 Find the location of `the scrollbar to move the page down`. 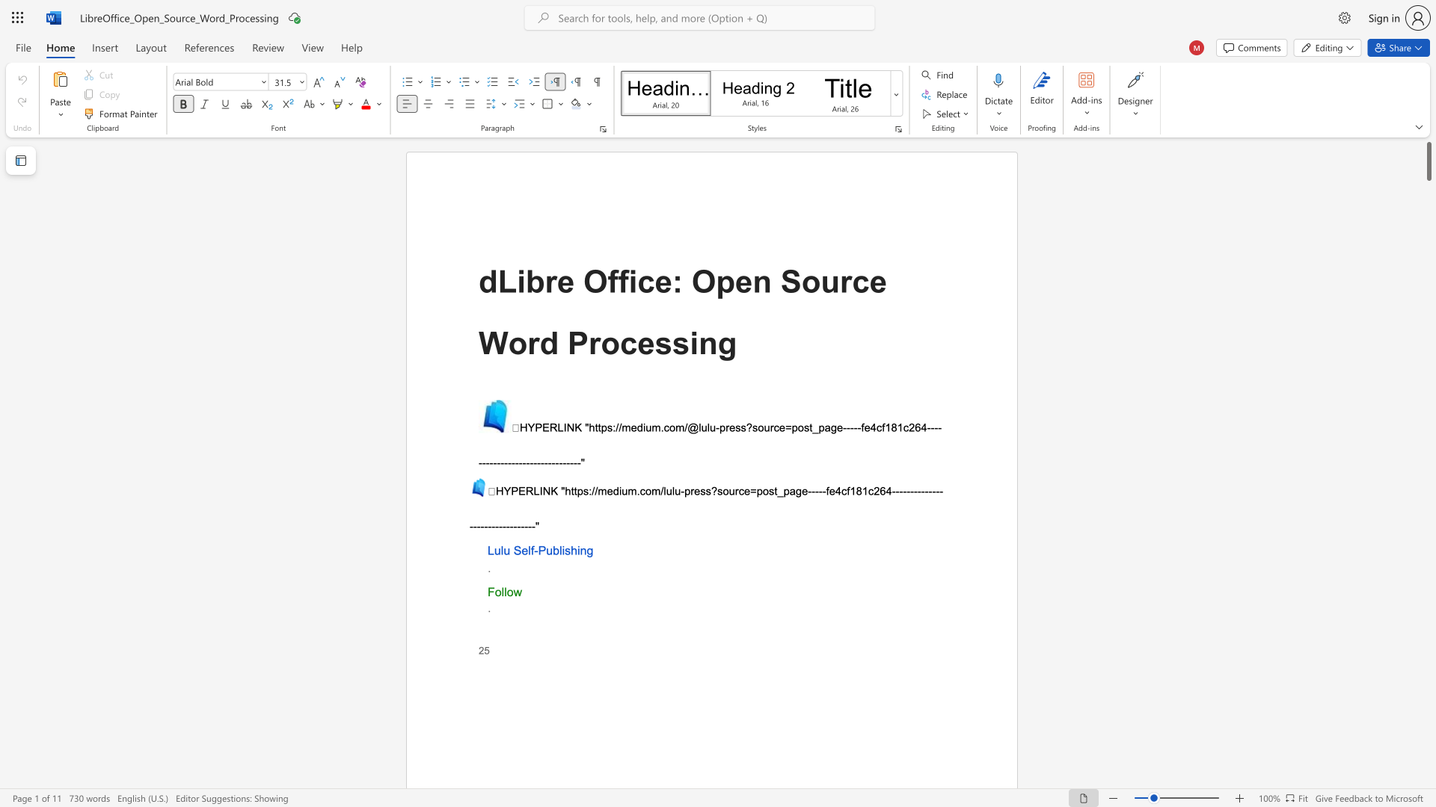

the scrollbar to move the page down is located at coordinates (1428, 545).